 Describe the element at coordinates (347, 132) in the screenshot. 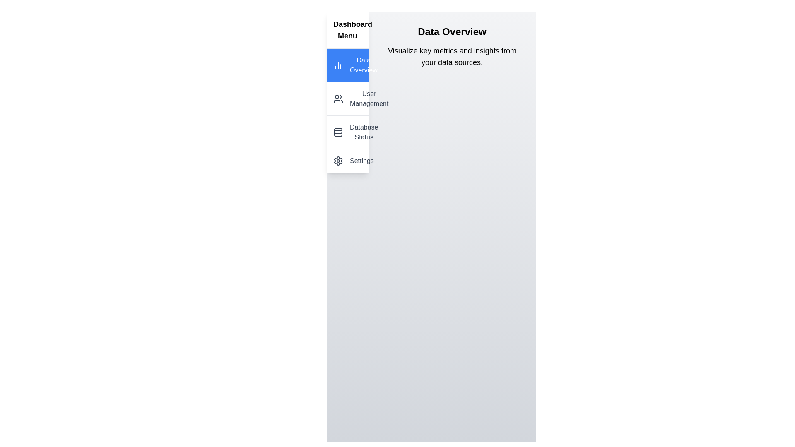

I see `the menu item corresponding to Database Status to navigate to that section` at that location.